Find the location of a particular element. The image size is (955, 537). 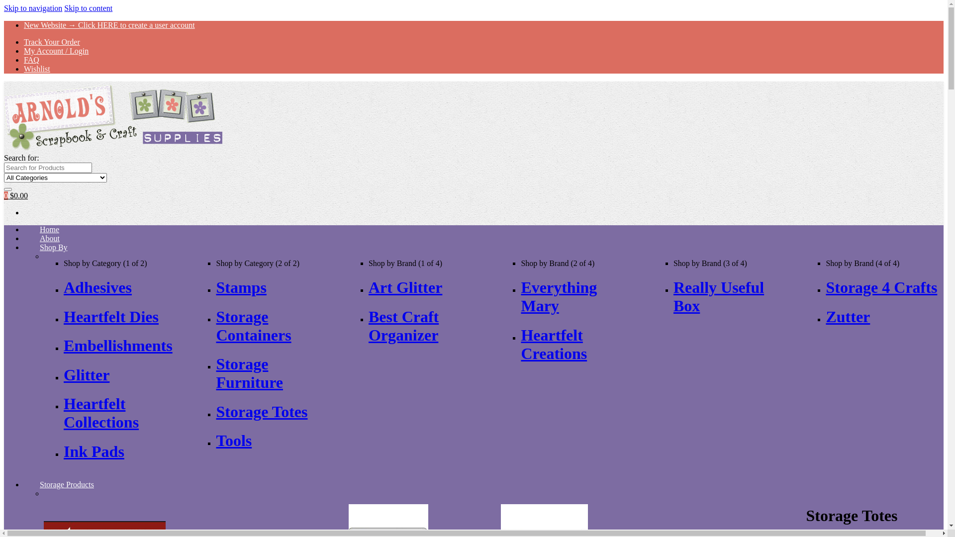

'Storage Products' is located at coordinates (66, 484).